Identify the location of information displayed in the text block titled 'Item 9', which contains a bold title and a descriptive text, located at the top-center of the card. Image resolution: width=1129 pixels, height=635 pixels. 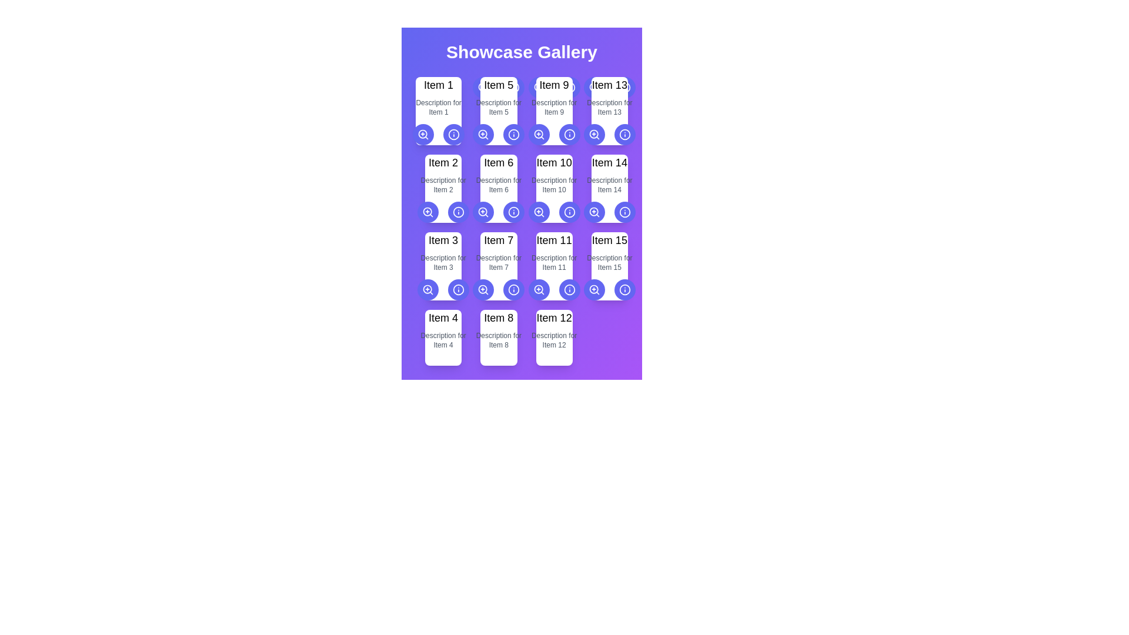
(553, 111).